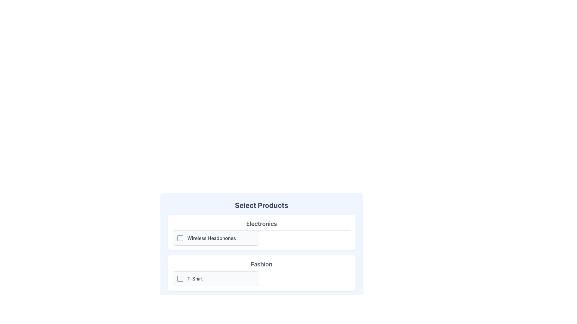 The height and width of the screenshot is (324, 577). What do you see at coordinates (195, 279) in the screenshot?
I see `the static text label indicating the name of the product associated with the checkbox in the 'Fashion' category under 'Select Products'` at bounding box center [195, 279].